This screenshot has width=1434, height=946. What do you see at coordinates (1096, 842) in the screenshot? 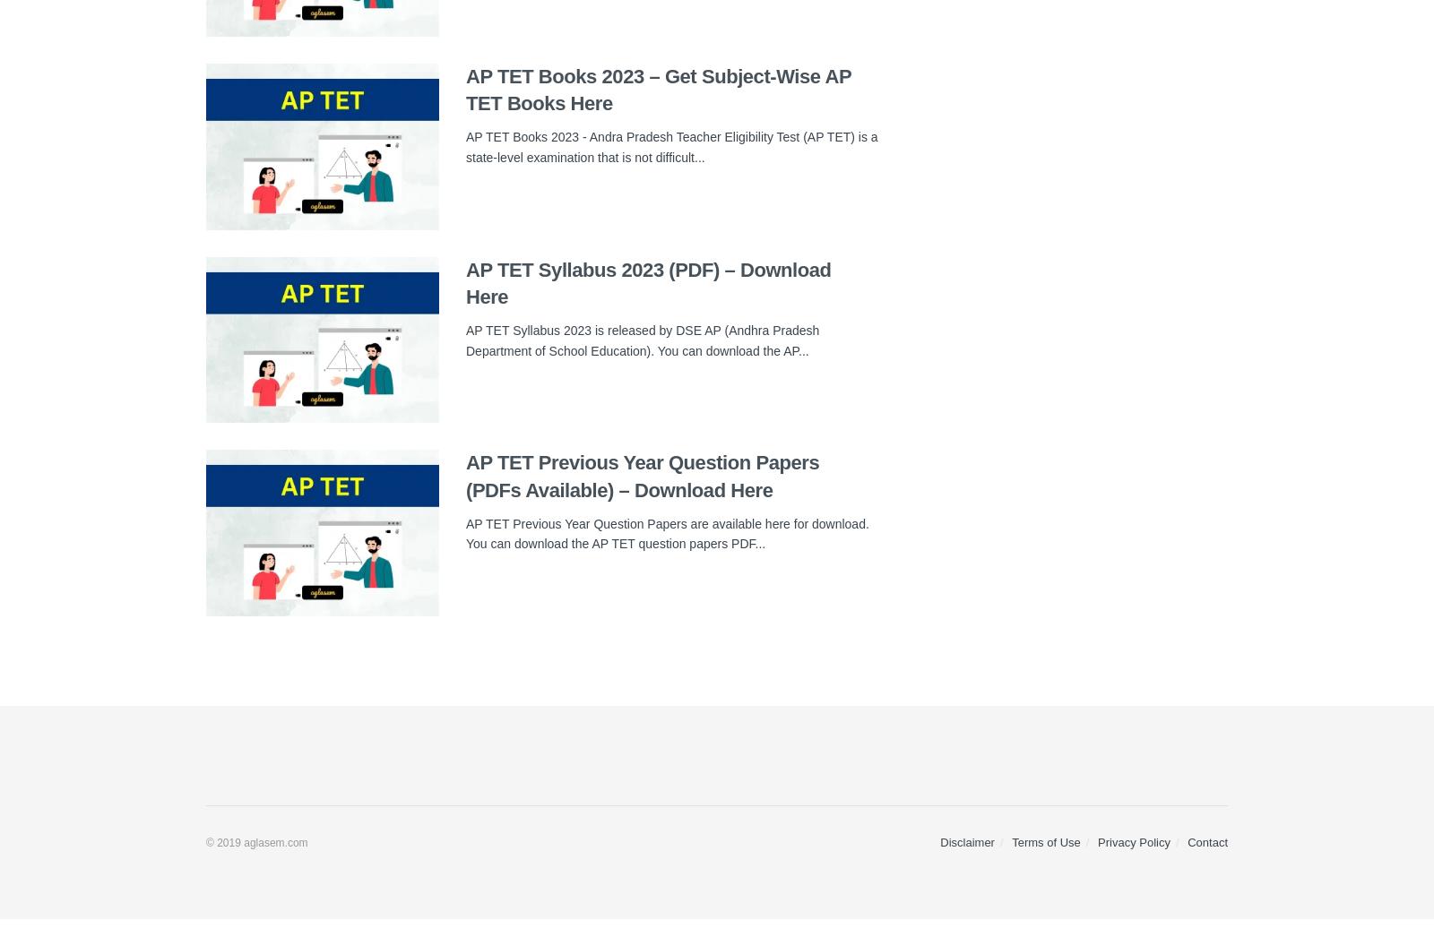
I see `'Privacy Policy'` at bounding box center [1096, 842].